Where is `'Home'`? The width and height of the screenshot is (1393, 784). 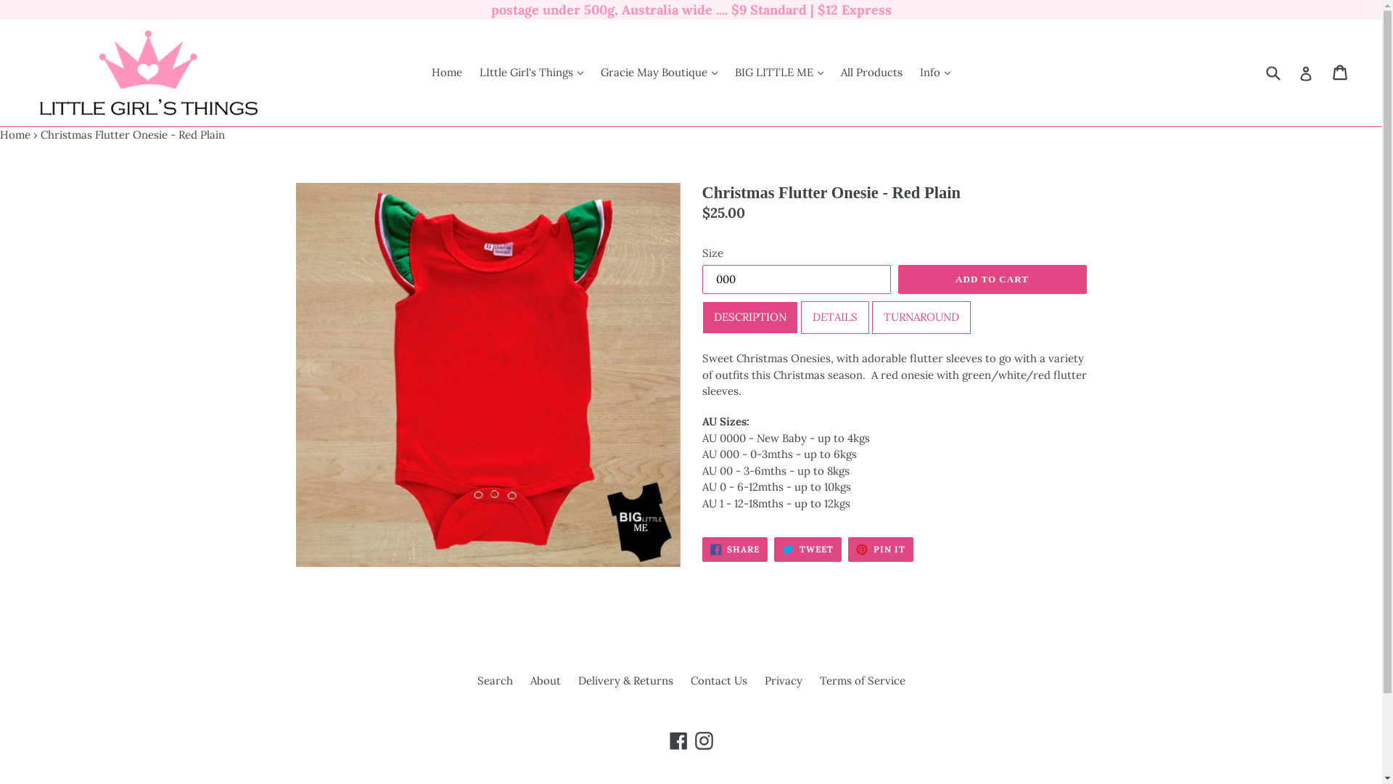 'Home' is located at coordinates (0, 134).